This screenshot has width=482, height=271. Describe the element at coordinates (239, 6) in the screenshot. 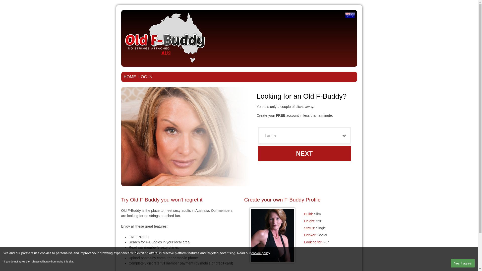

I see `'Jump to navigation'` at that location.